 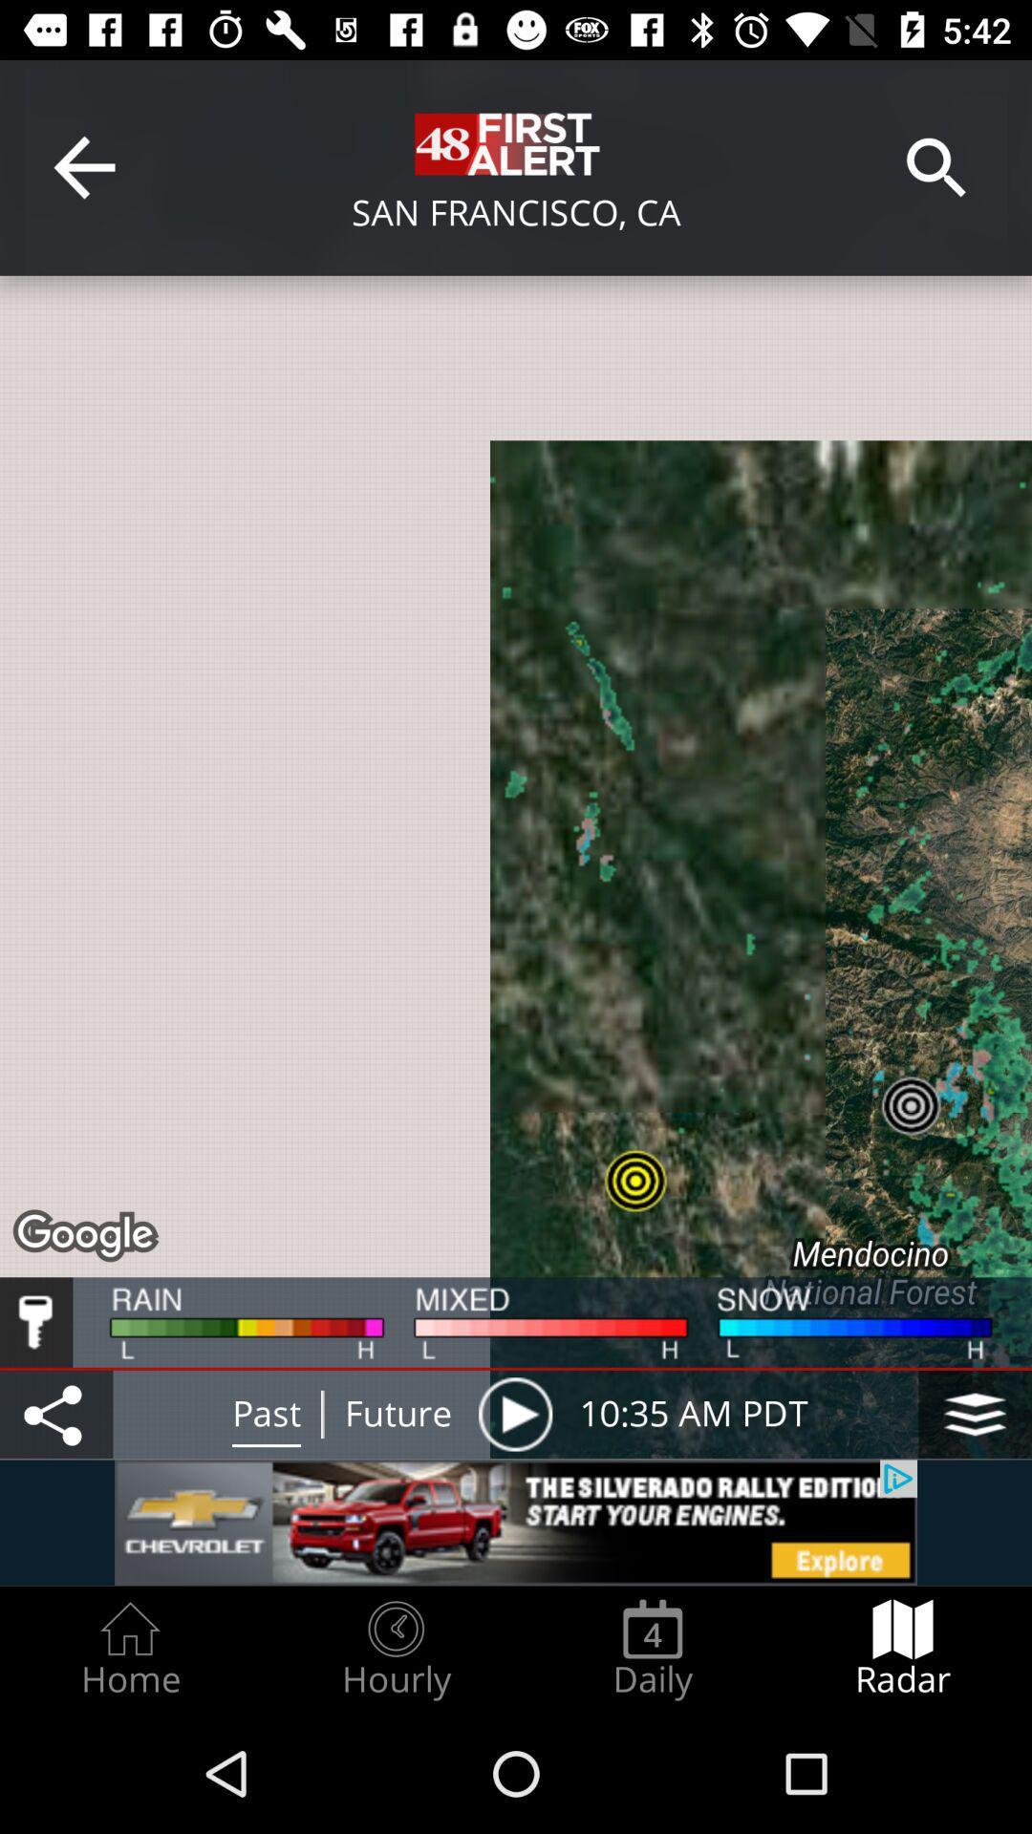 What do you see at coordinates (903, 1649) in the screenshot?
I see `the item next to daily radio button` at bounding box center [903, 1649].